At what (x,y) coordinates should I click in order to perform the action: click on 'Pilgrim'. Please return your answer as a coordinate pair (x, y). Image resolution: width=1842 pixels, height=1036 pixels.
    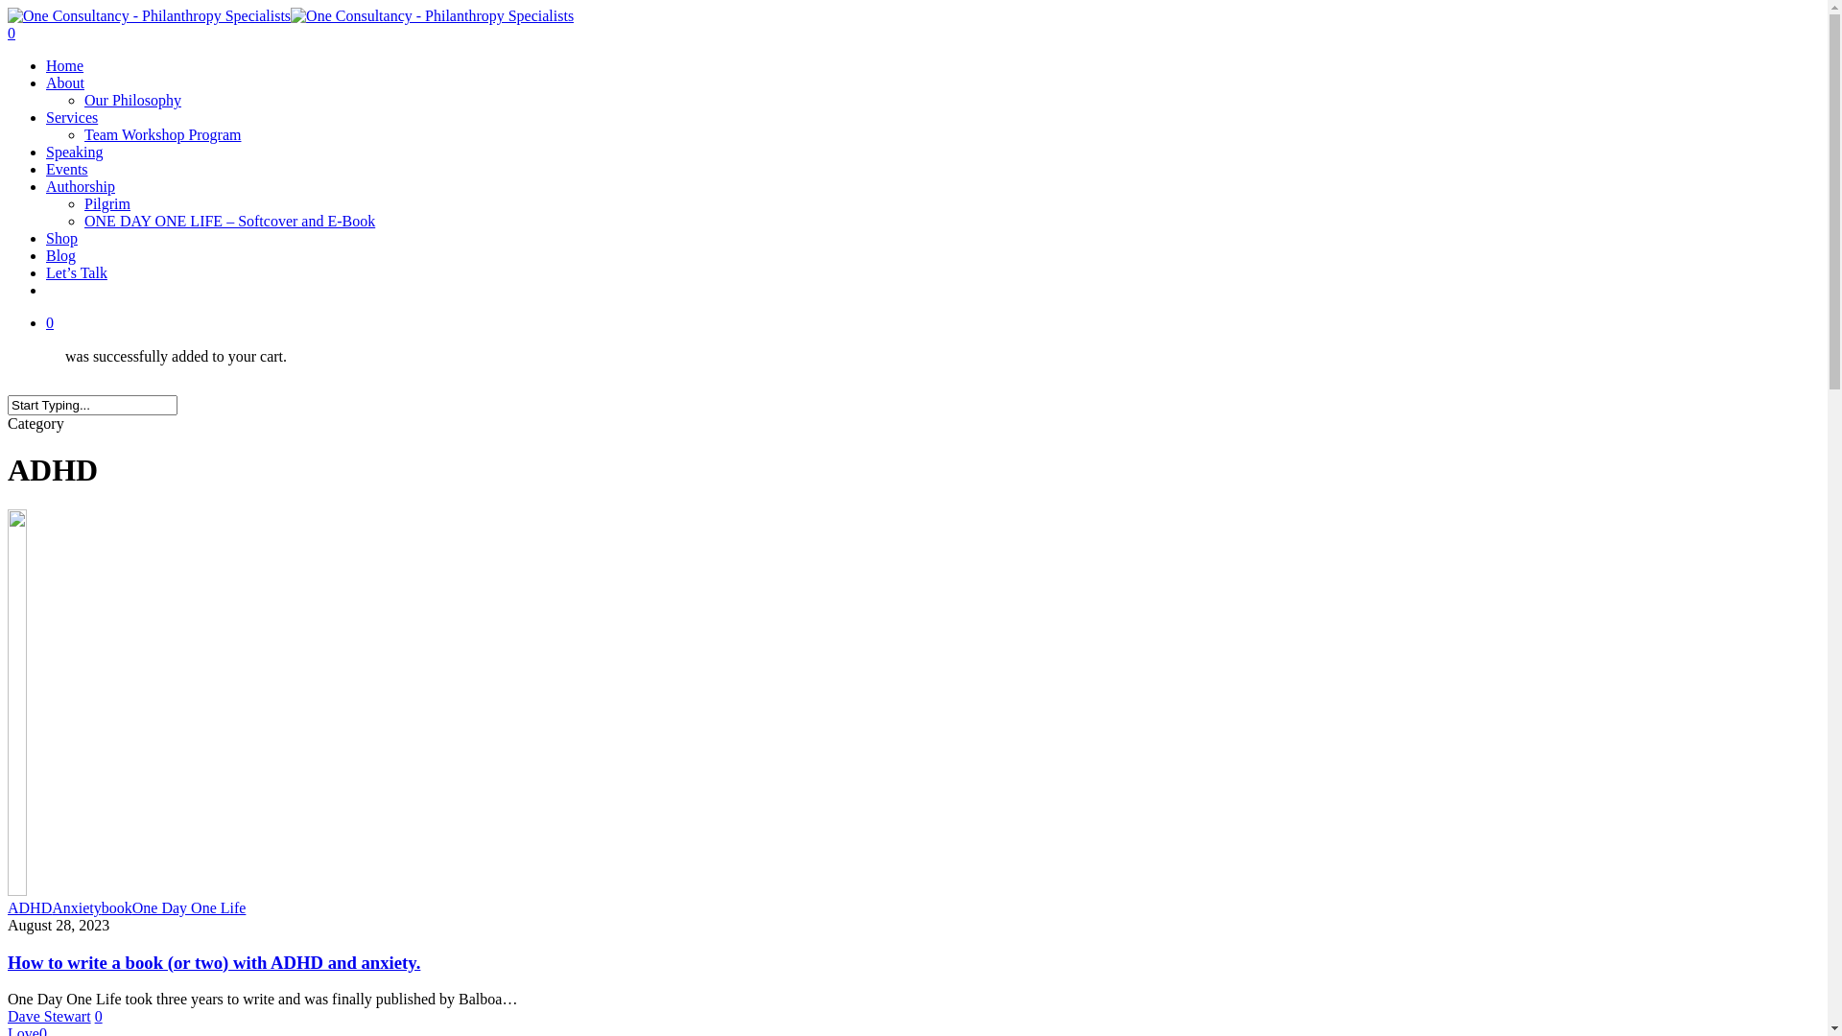
    Looking at the image, I should click on (106, 203).